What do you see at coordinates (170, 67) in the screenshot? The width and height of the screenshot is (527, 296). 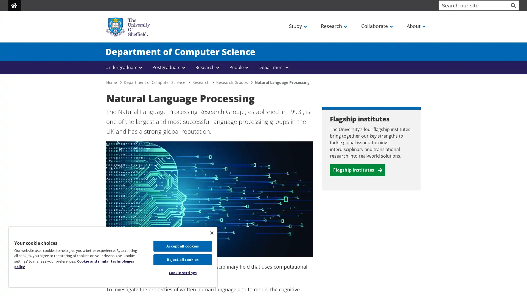 I see `Postgraduate` at bounding box center [170, 67].